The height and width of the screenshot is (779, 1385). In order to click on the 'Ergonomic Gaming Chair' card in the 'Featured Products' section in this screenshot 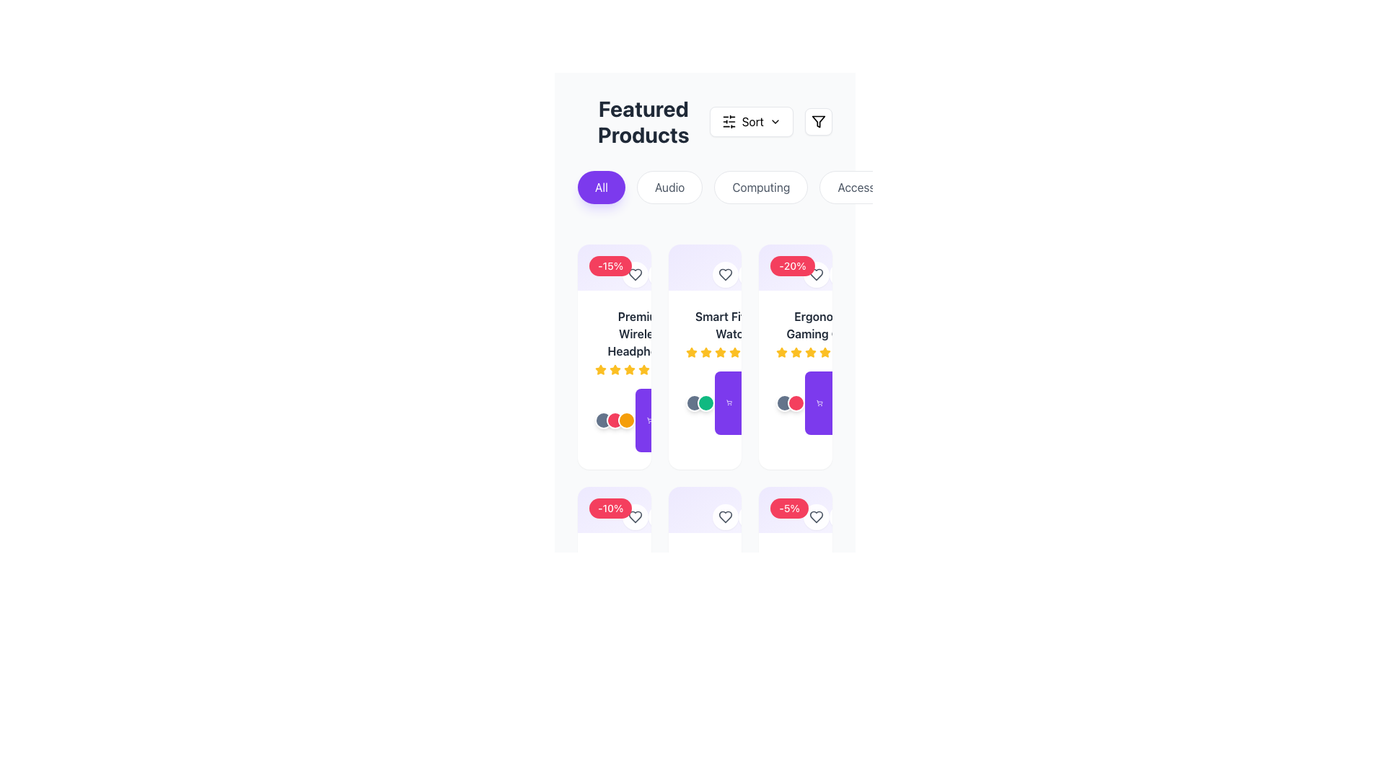, I will do `click(795, 356)`.